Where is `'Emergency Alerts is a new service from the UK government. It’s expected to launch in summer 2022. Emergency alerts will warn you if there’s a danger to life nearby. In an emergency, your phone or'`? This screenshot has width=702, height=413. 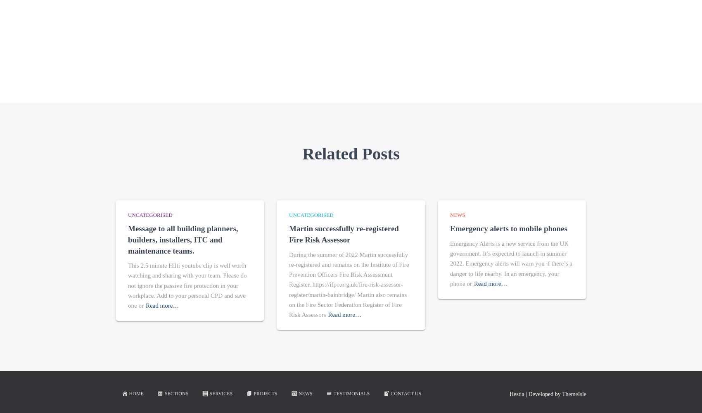 'Emergency Alerts is a new service from the UK government. It’s expected to launch in summer 2022. Emergency alerts will warn you if there’s a danger to life nearby. In an emergency, your phone or' is located at coordinates (510, 263).